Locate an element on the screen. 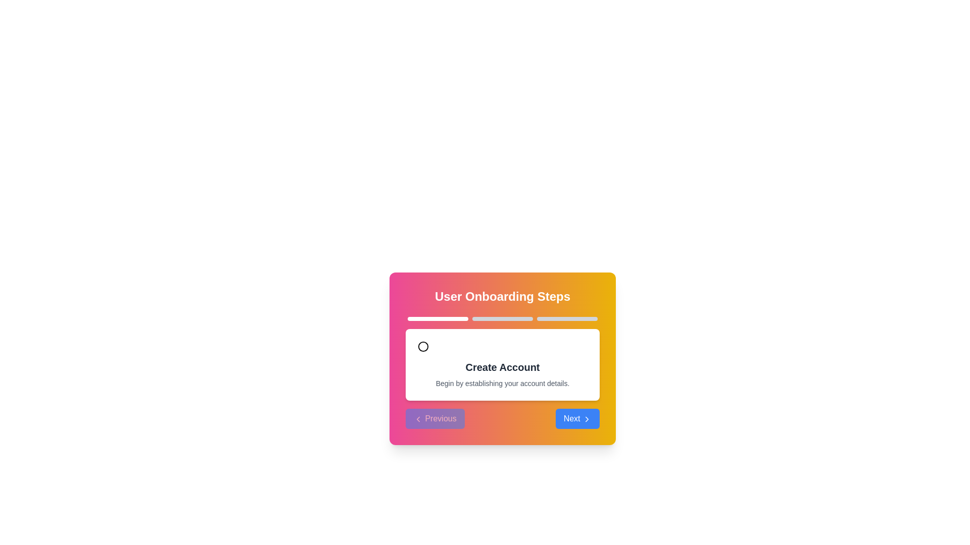 This screenshot has height=545, width=970. the text label displaying 'User Onboarding Steps' which is prominently positioned at the top of a colorful gradient card is located at coordinates (502, 296).